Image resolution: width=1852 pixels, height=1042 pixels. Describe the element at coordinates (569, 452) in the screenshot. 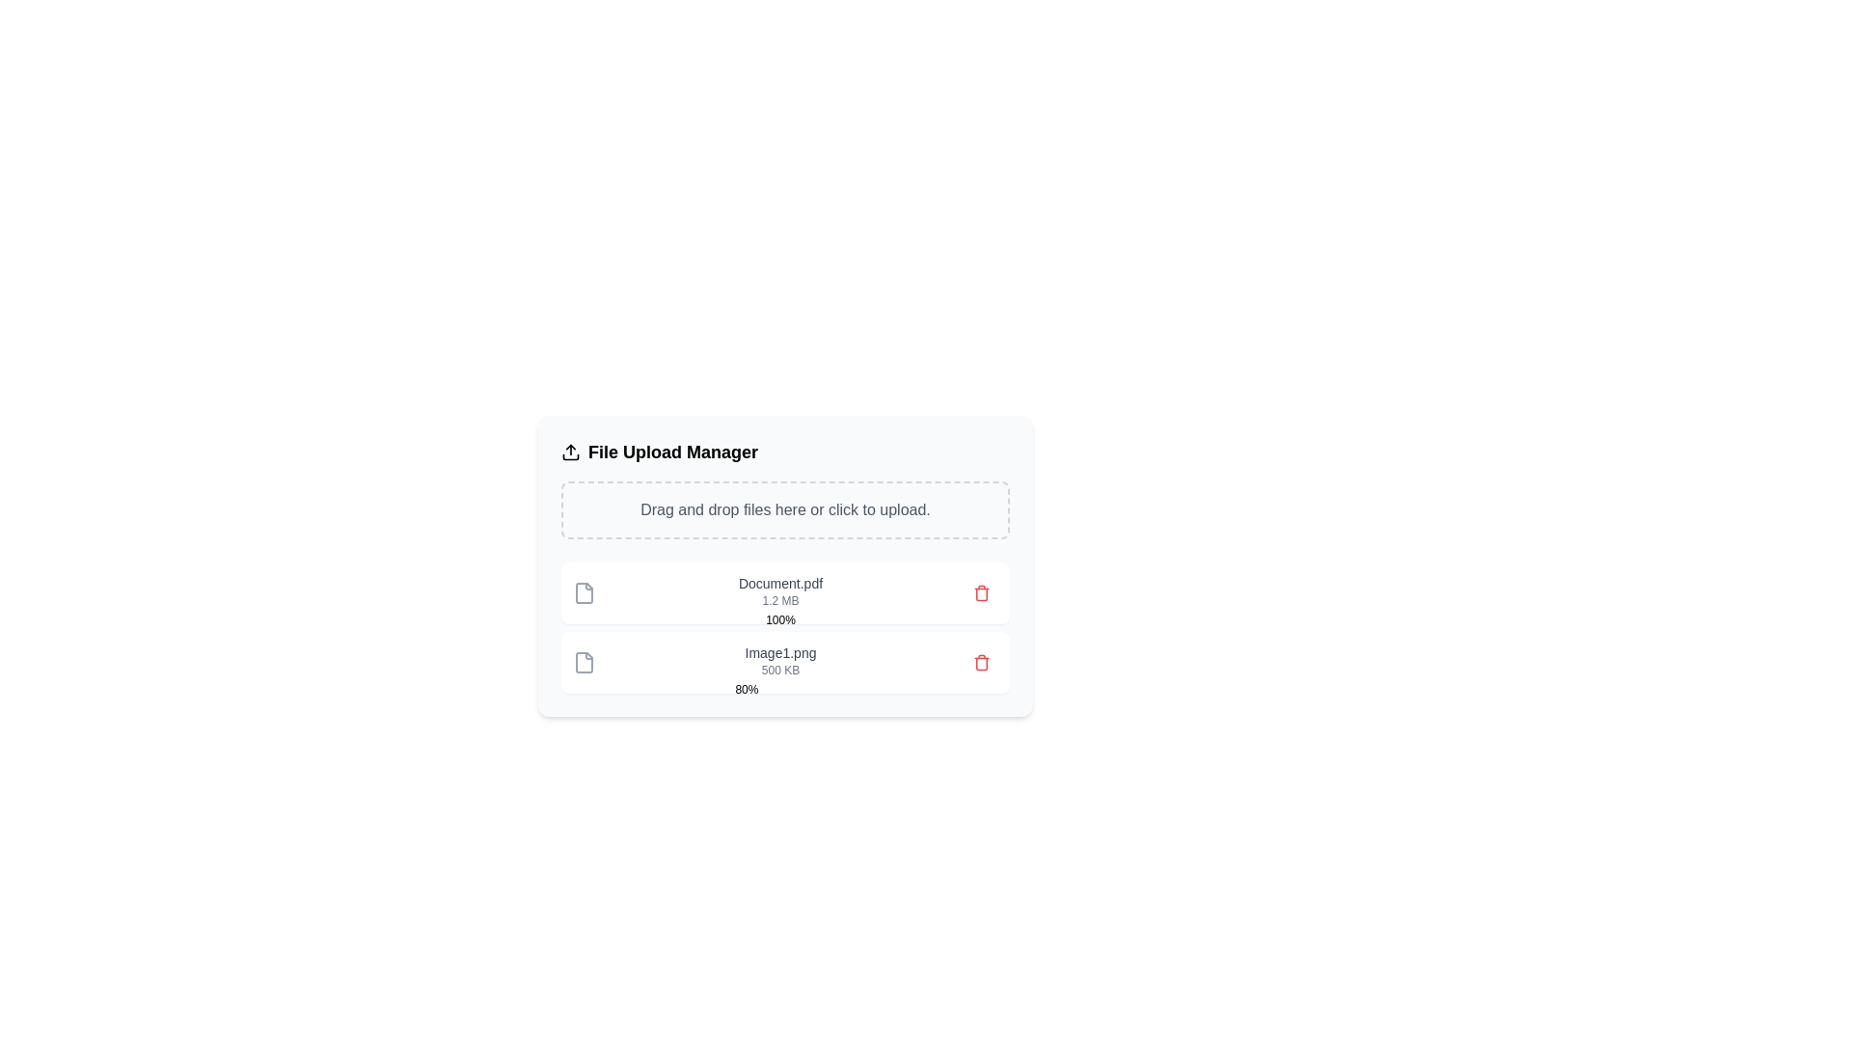

I see `the icon located at the far-left region of the 'File Upload Manager' heading in the file upload management system` at that location.